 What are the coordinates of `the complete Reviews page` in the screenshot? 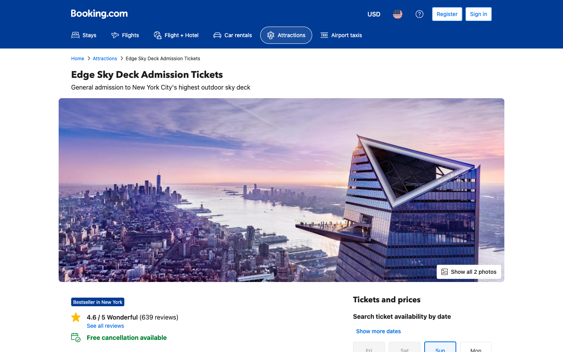 It's located at (213, 326).